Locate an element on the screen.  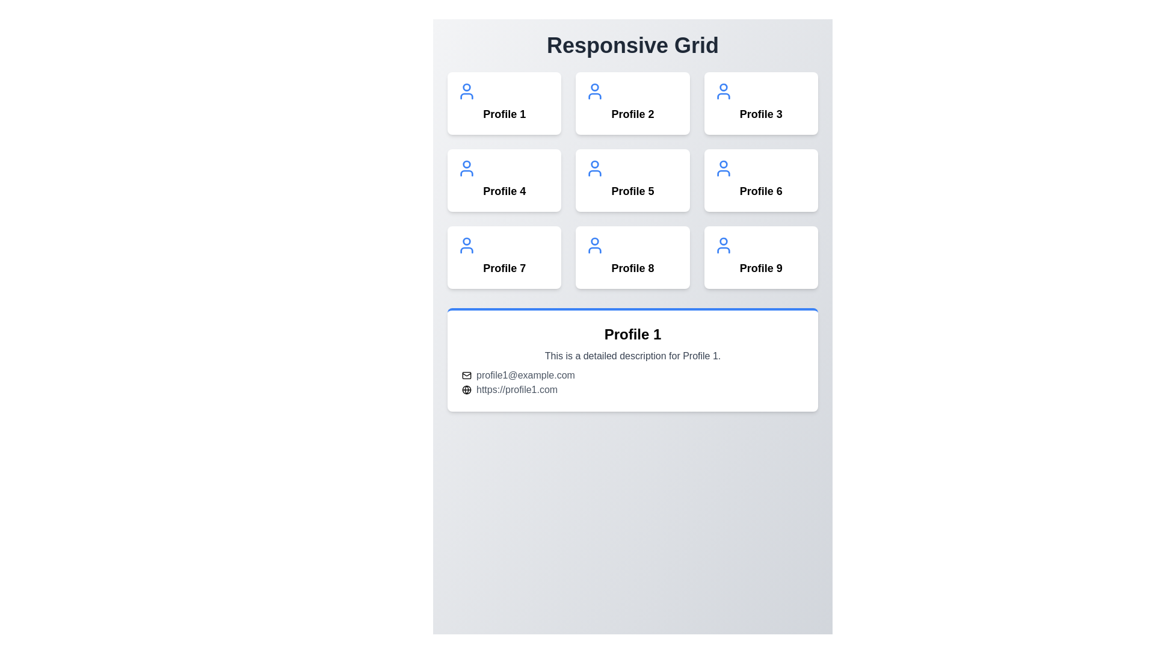
the Profile 3 card, which has a white background, a blue user icon at the top center, and bold black text underneath is located at coordinates (760, 103).